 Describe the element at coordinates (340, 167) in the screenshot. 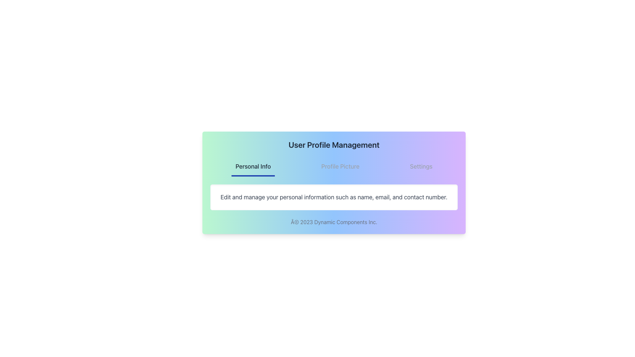

I see `the 'Profile Picture' button, which is styled with a gray font color and is the second item in a row of three options` at that location.